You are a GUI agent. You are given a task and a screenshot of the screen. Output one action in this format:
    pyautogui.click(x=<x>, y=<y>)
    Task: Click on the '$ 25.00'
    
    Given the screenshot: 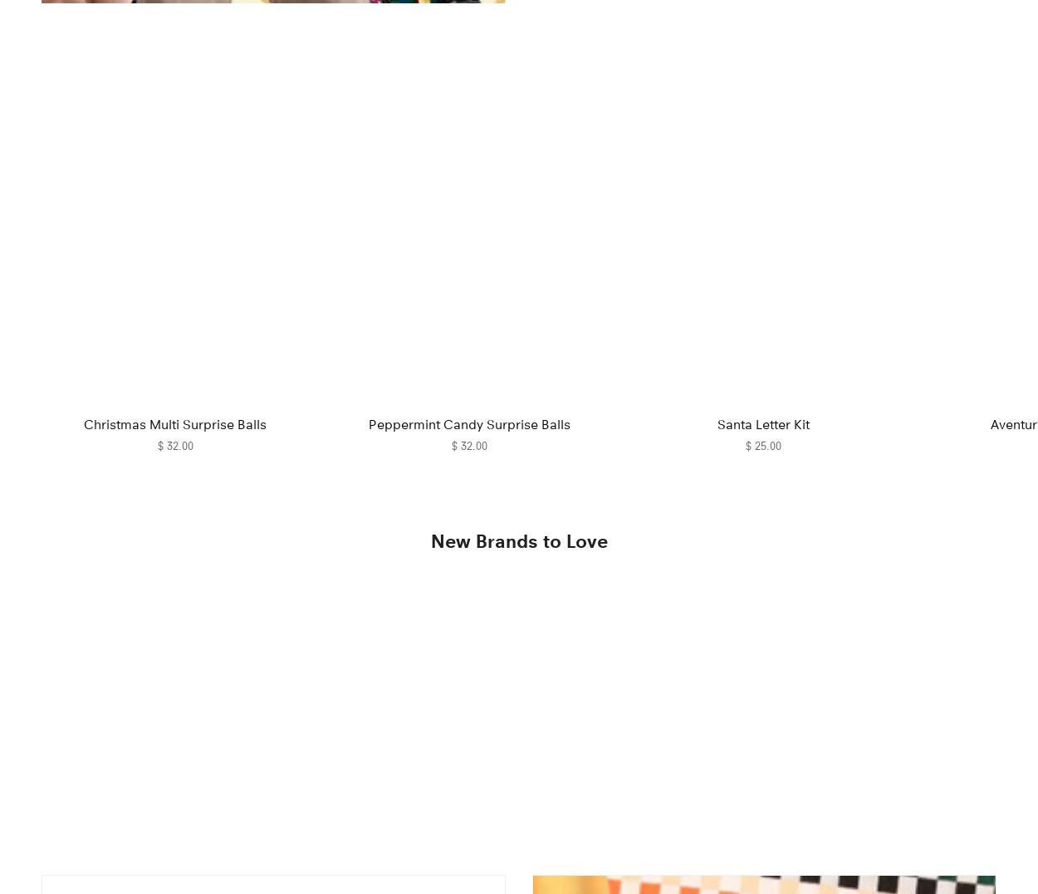 What is the action you would take?
    pyautogui.click(x=762, y=444)
    